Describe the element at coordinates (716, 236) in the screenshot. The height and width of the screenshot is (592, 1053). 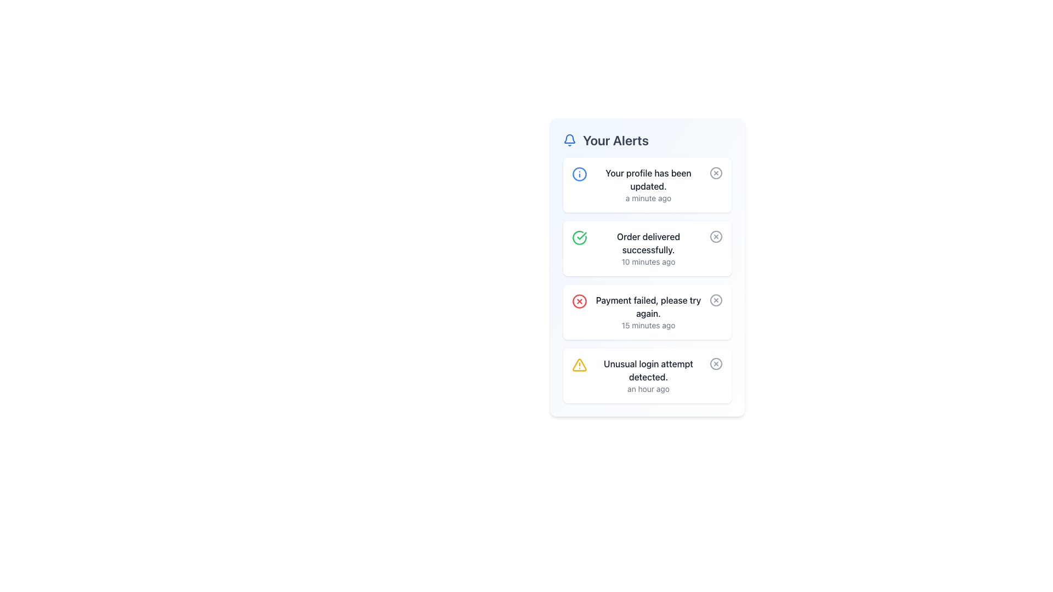
I see `the circle icon button with an 'X' symbol located at the top-right corner of the second notification card titled 'Order delivered successfully' to change its color` at that location.